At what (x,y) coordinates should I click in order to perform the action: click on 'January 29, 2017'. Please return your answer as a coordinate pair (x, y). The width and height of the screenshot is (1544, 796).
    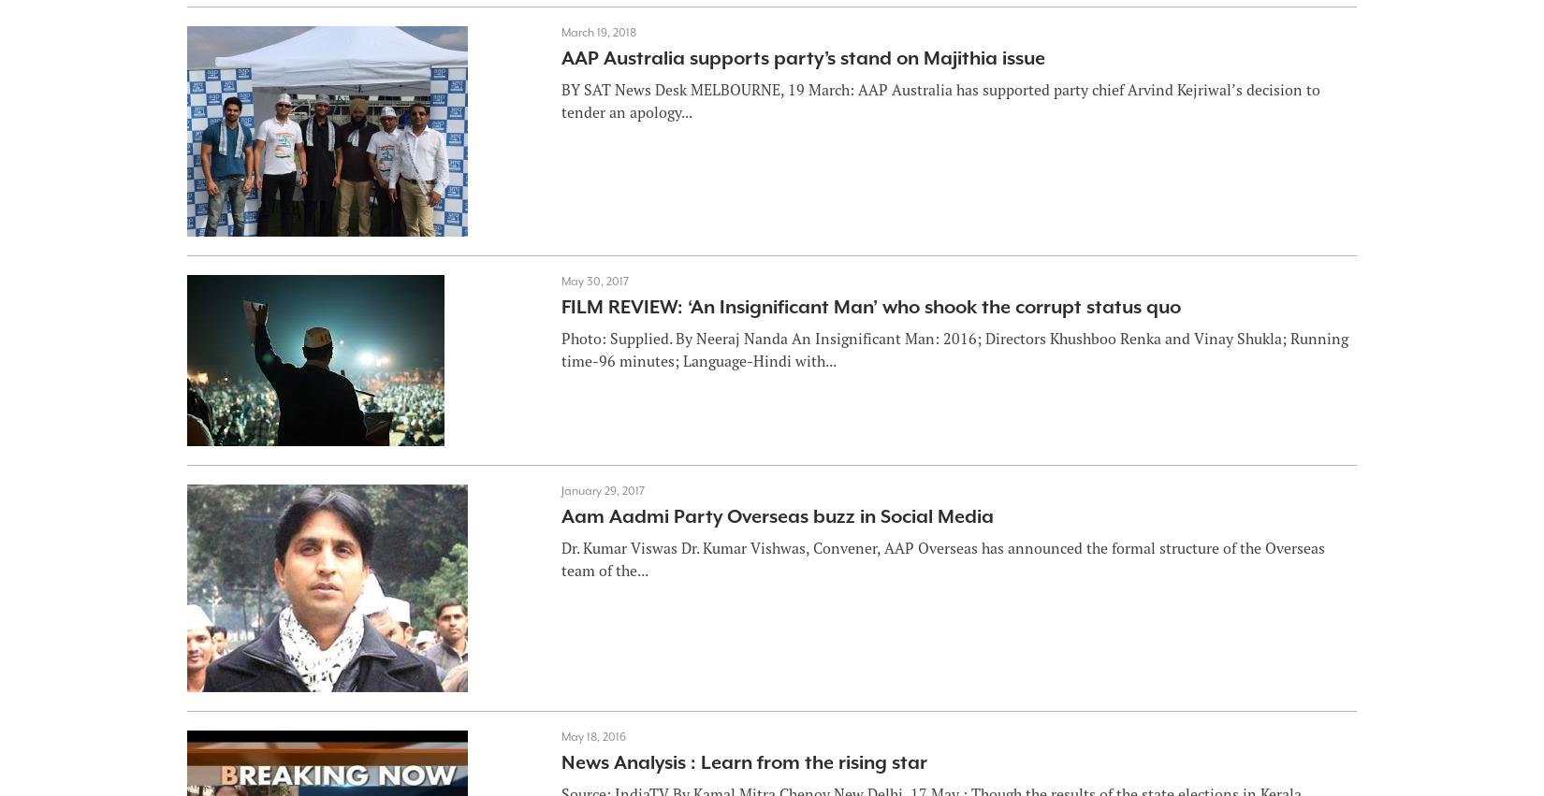
    Looking at the image, I should click on (601, 490).